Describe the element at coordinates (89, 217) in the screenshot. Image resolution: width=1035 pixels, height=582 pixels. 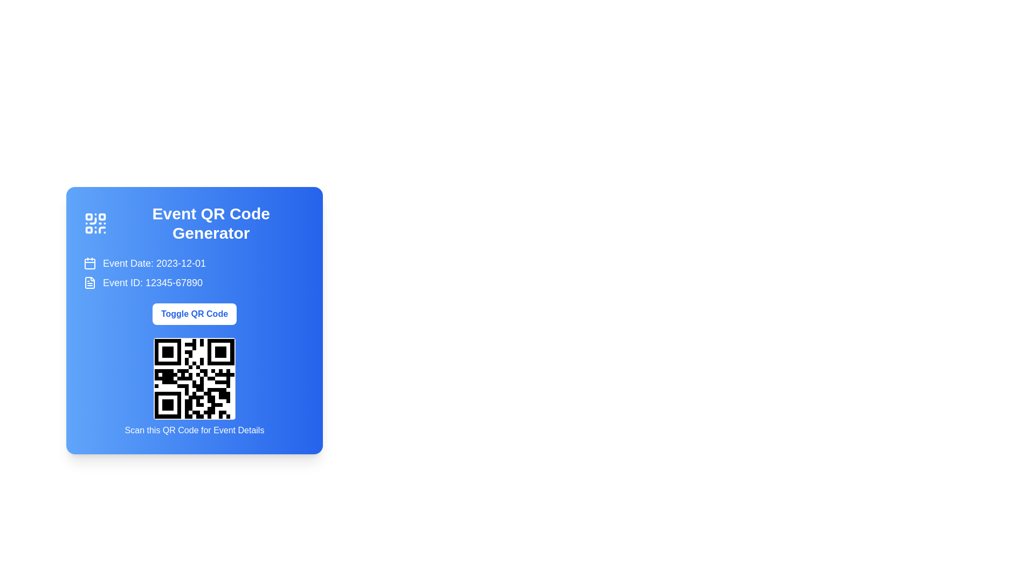
I see `the first square with rounded corners in the top-left corner of the QR code icon, which serves as a visual part of the QR code and has no interactive behavior` at that location.